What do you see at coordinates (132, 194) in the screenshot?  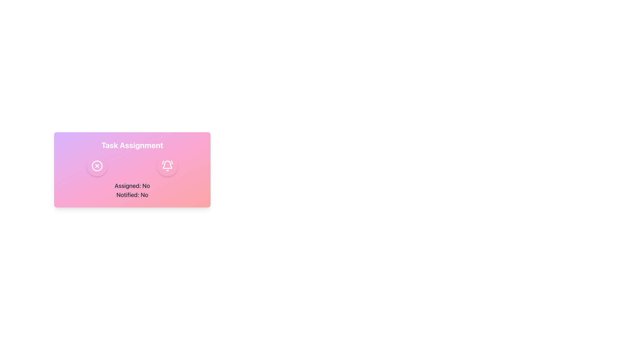 I see `the Text Label displaying 'Notified: No', which is styled with medium font-weight and gray color, located on a pink-gradient card below 'Assigned: No' within the 'Task Assignment' card` at bounding box center [132, 194].